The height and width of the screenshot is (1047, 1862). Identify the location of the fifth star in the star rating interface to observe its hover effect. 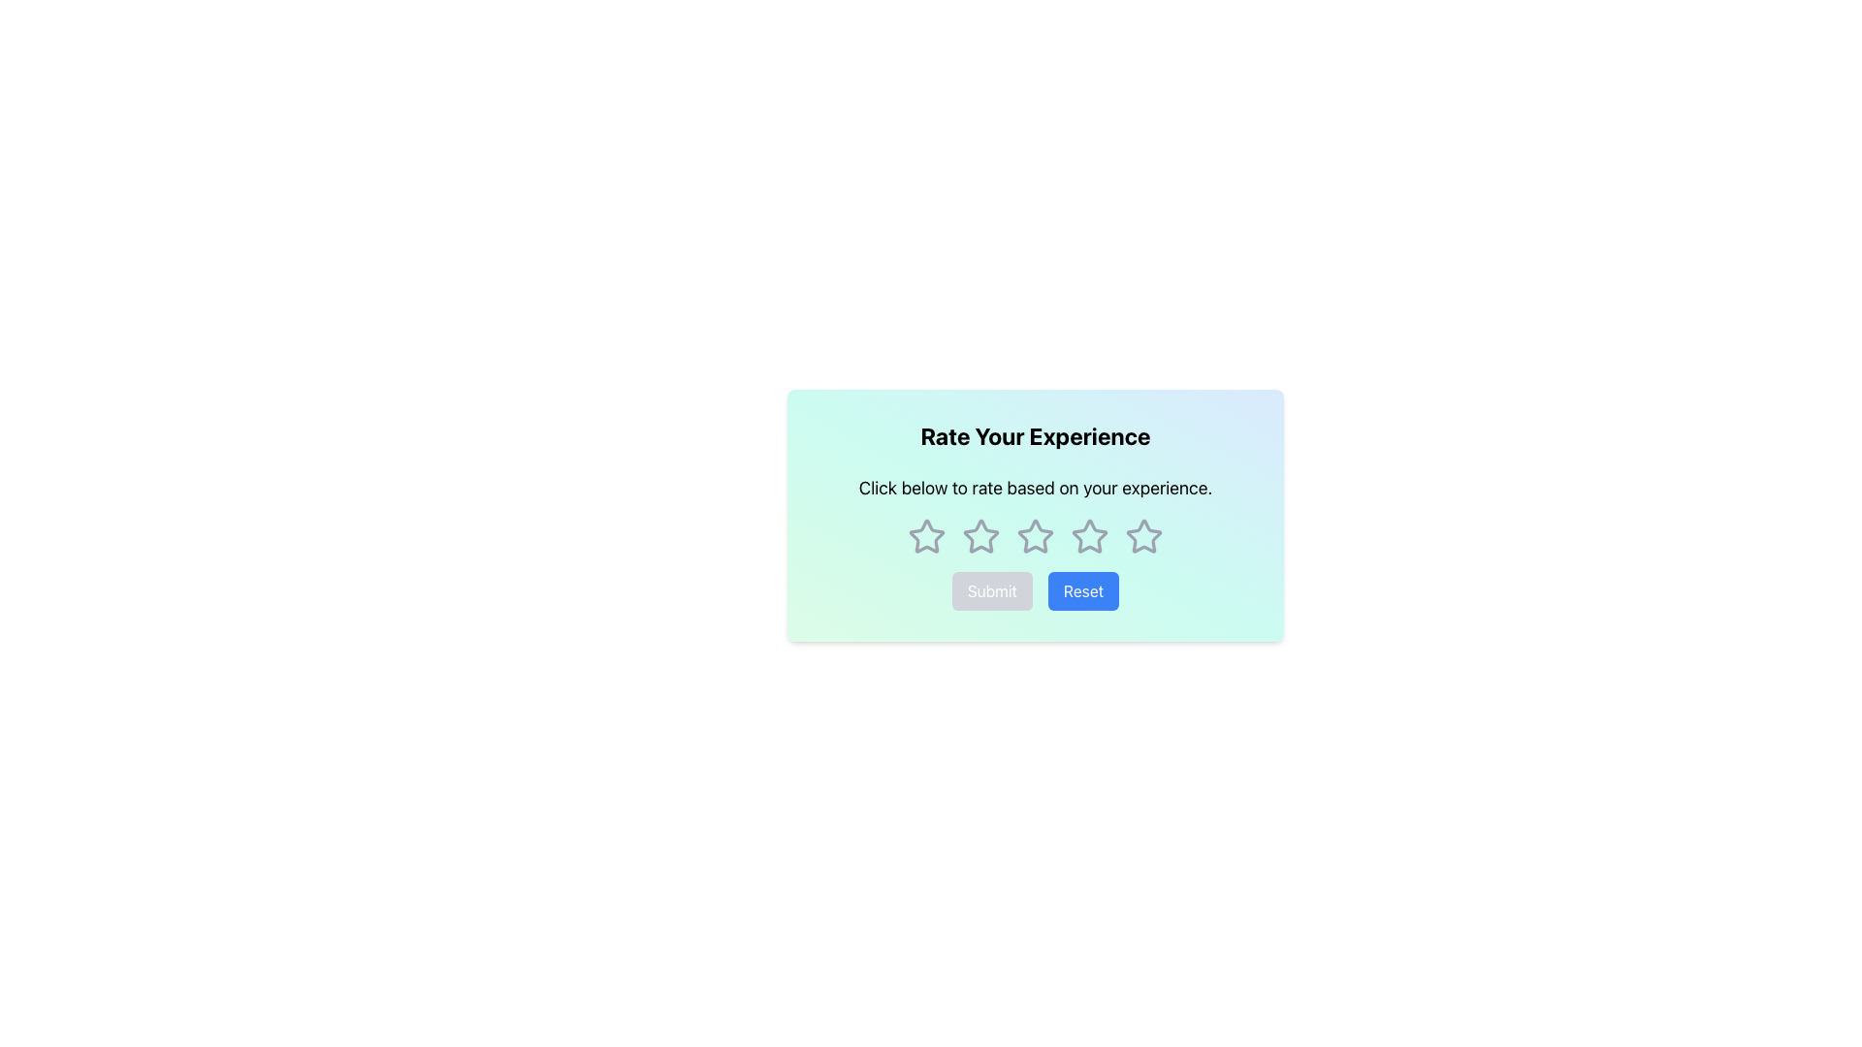
(1089, 537).